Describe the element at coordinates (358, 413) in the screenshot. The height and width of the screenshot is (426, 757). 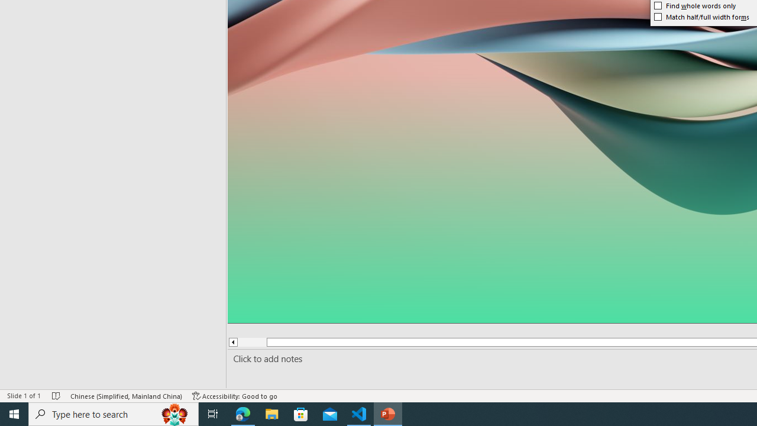
I see `'Visual Studio Code - 1 running window'` at that location.